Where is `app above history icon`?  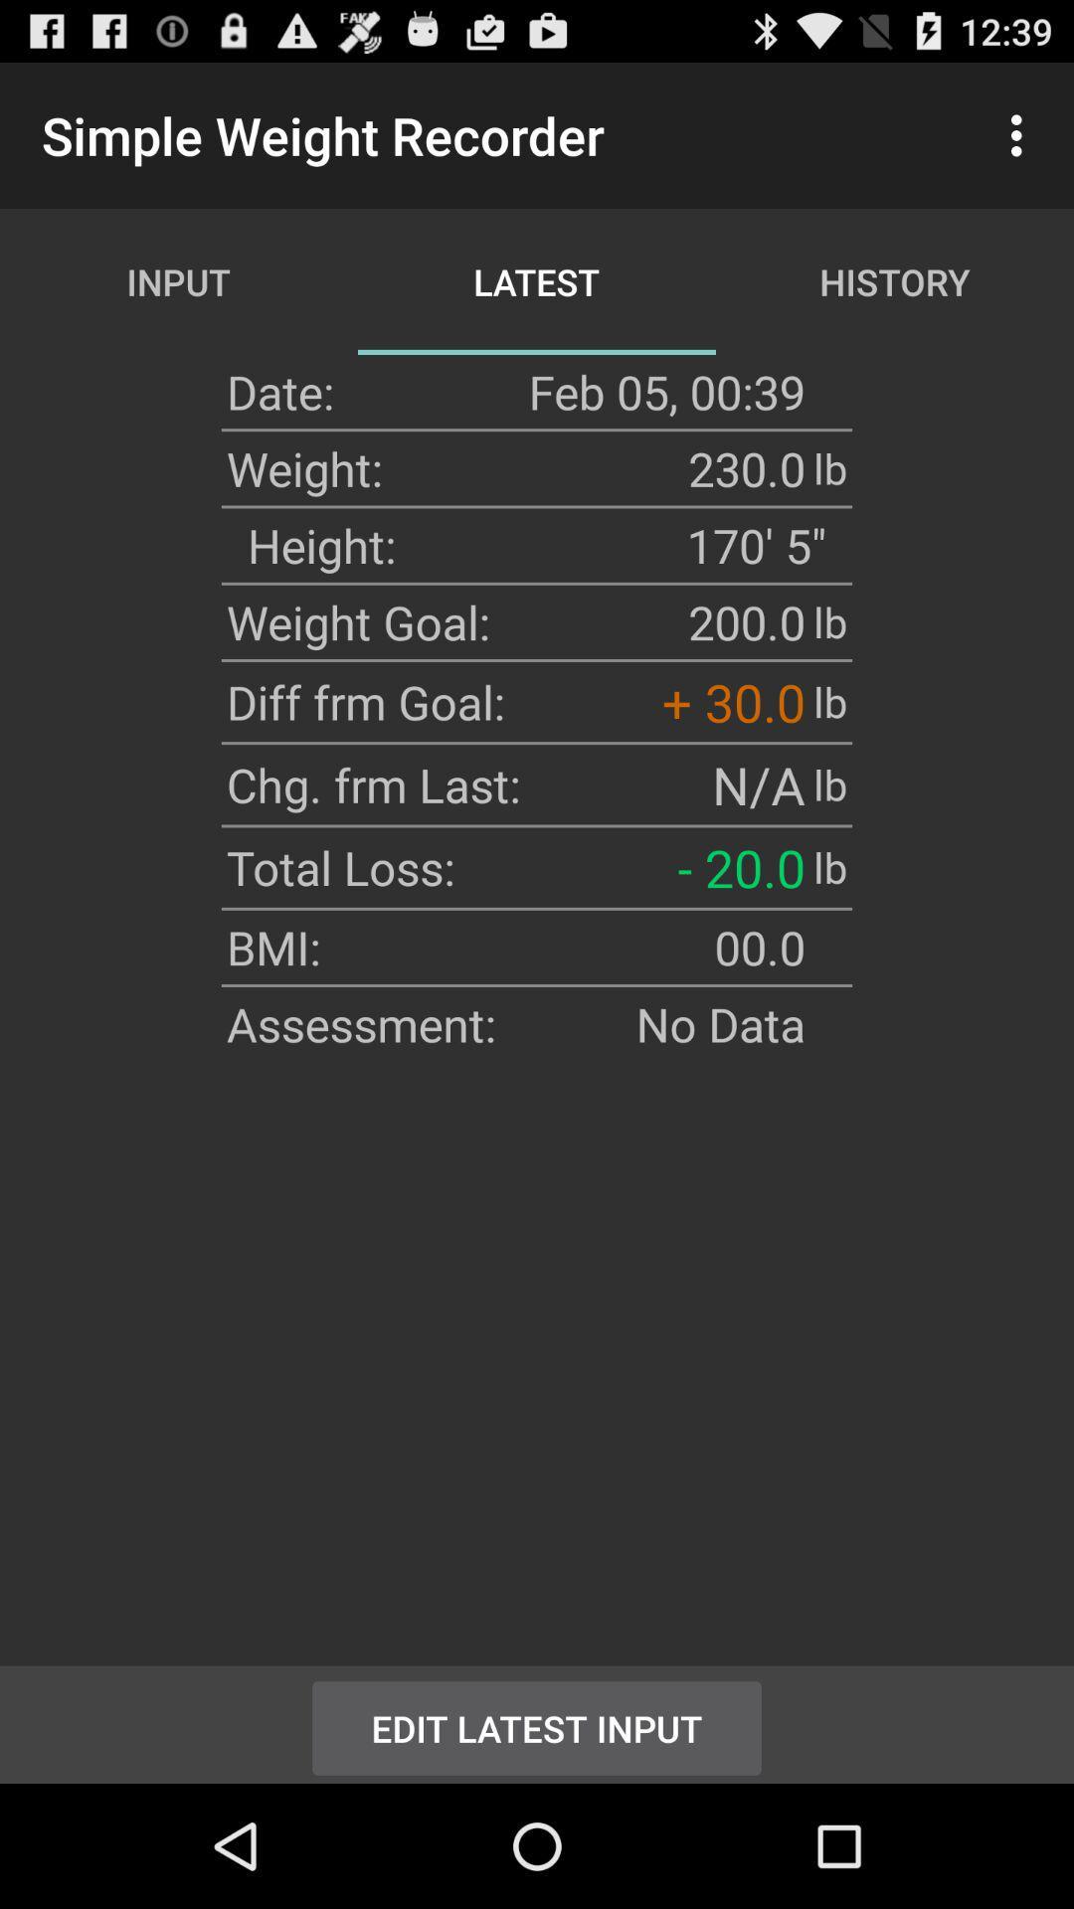
app above history icon is located at coordinates (1021, 134).